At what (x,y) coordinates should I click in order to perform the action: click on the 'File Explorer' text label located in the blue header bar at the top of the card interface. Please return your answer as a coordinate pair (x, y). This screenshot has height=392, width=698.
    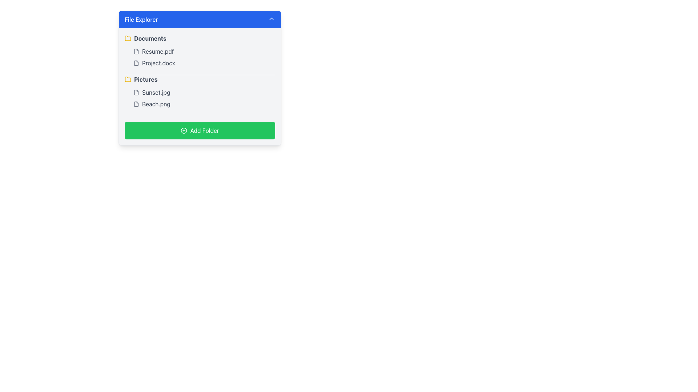
    Looking at the image, I should click on (141, 19).